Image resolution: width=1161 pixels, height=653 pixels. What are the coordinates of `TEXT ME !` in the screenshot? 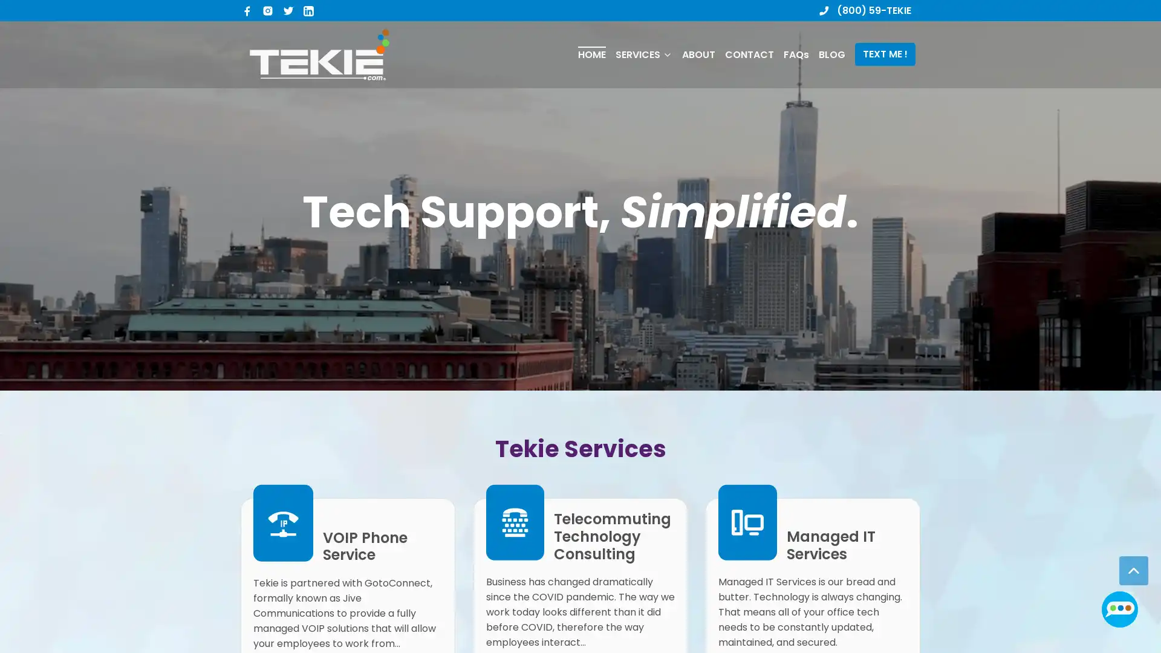 It's located at (885, 53).